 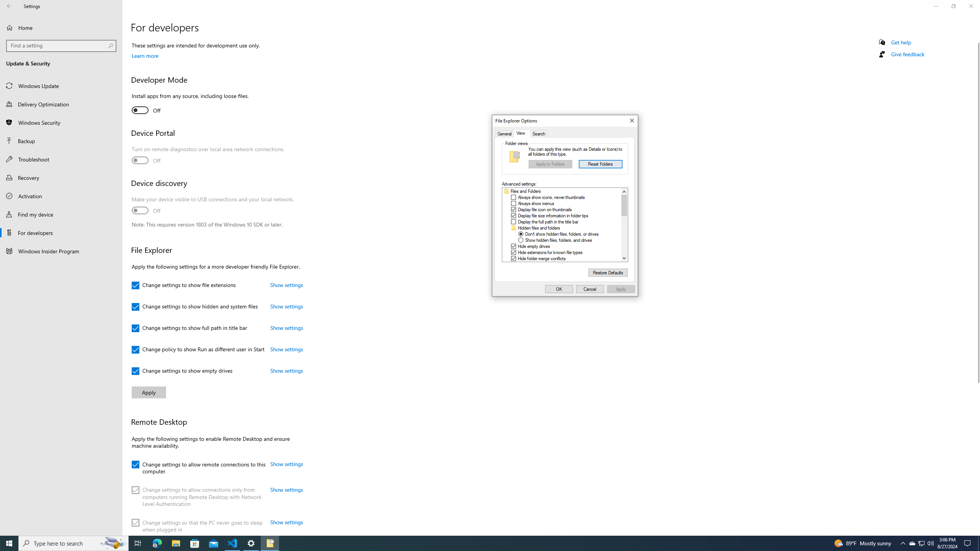 I want to click on 'Close', so click(x=631, y=121).